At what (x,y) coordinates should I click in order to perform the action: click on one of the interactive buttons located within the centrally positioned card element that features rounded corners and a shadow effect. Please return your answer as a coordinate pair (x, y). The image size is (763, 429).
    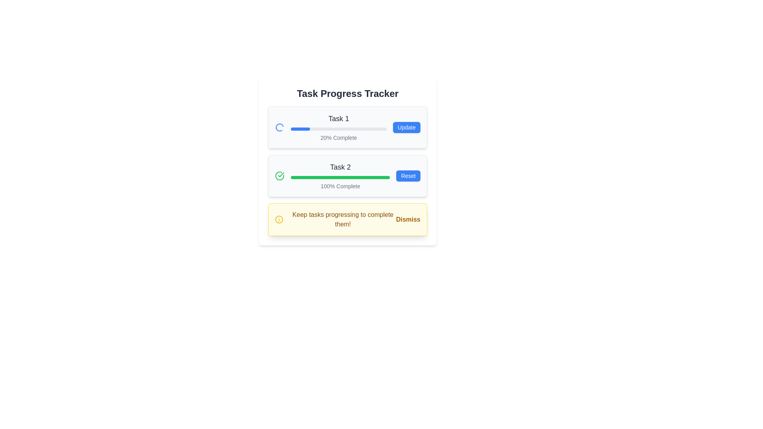
    Looking at the image, I should click on (347, 161).